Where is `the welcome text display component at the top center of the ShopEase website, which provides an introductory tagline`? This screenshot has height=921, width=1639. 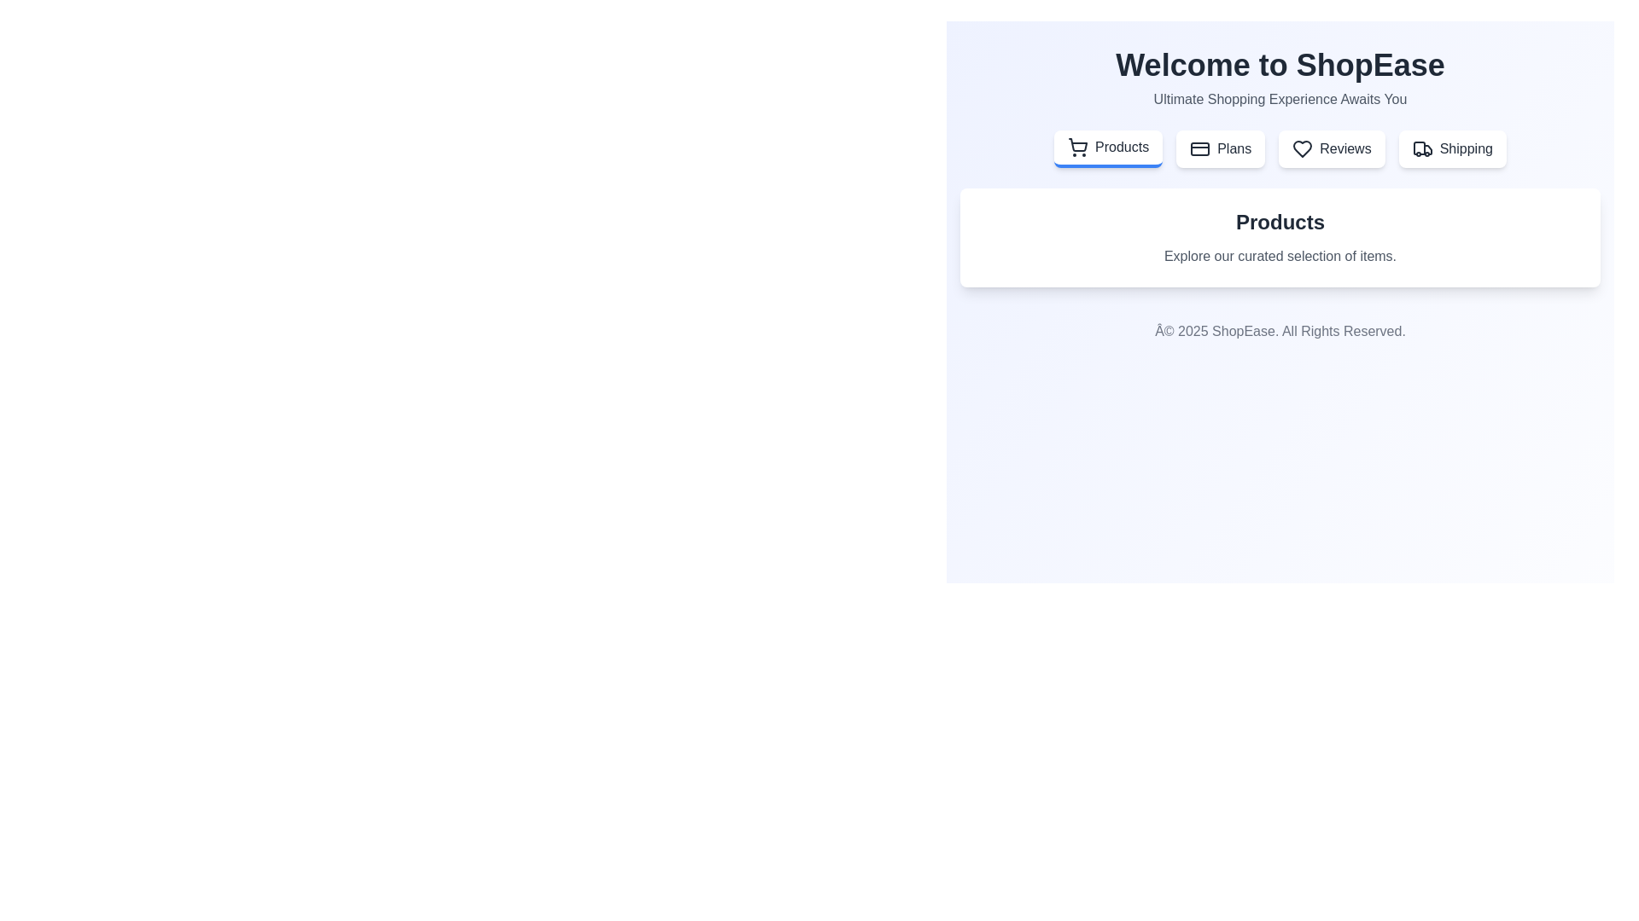 the welcome text display component at the top center of the ShopEase website, which provides an introductory tagline is located at coordinates (1280, 78).